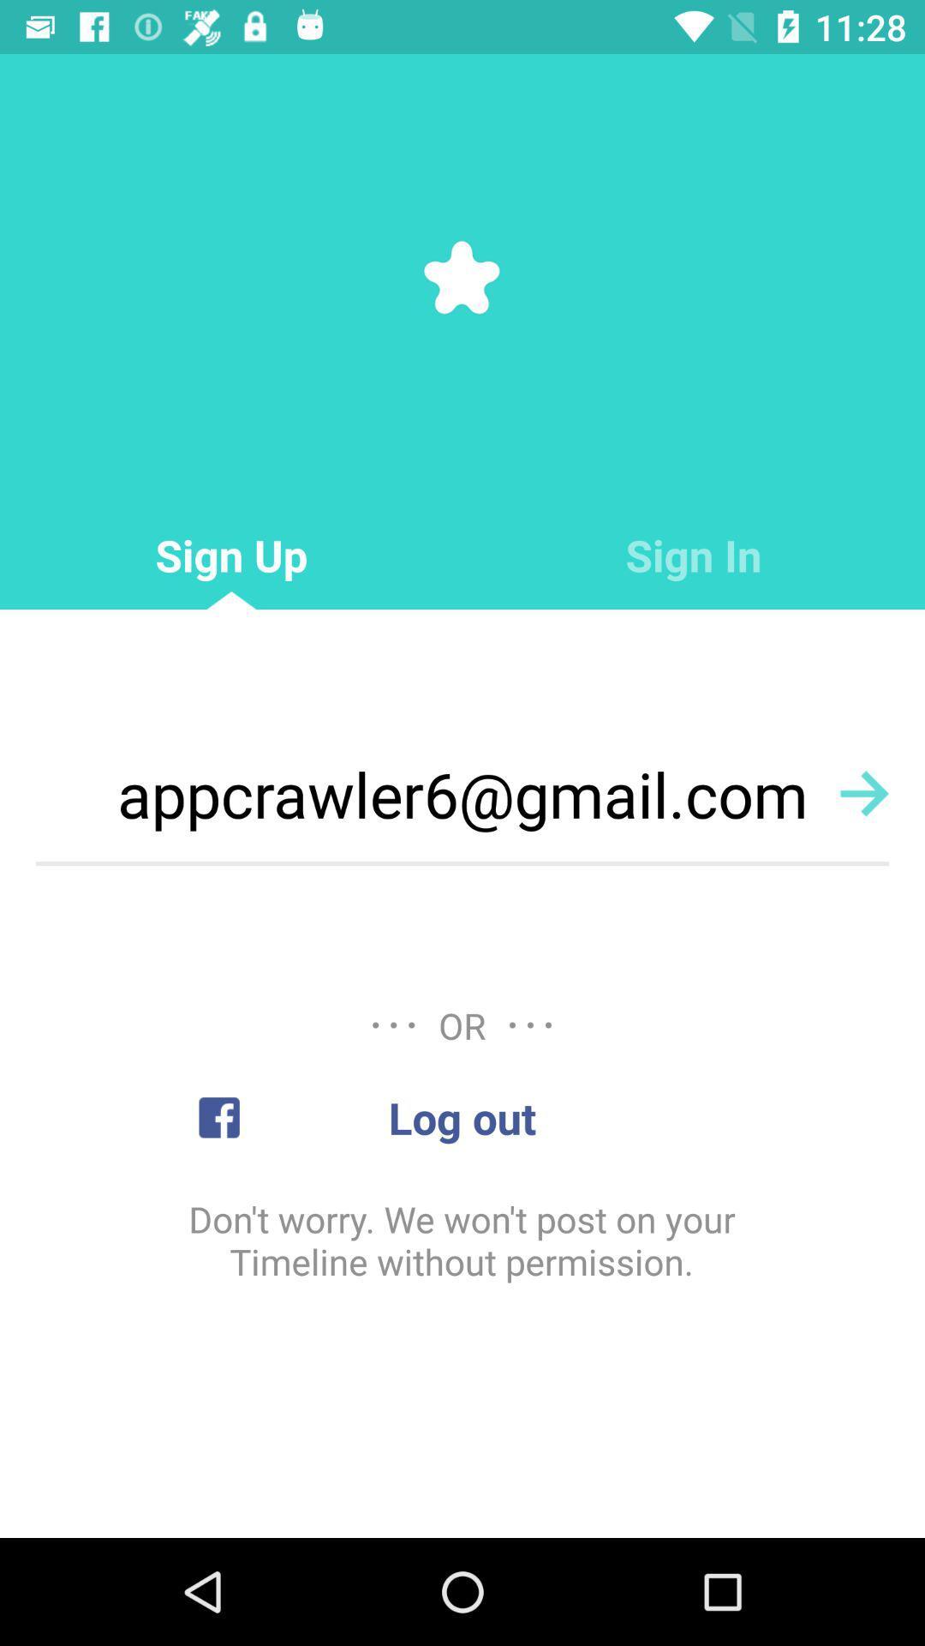 The height and width of the screenshot is (1646, 925). What do you see at coordinates (864, 792) in the screenshot?
I see `the arrow_forward icon` at bounding box center [864, 792].